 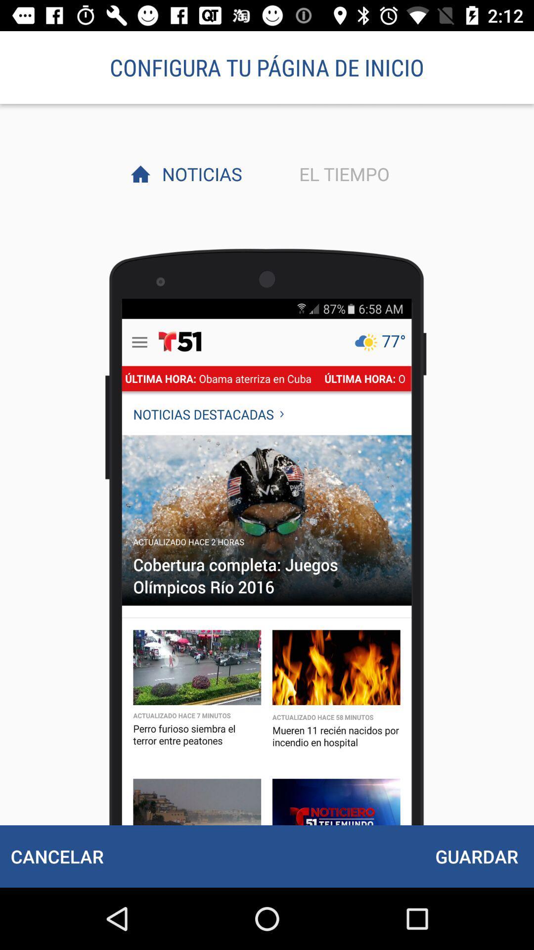 I want to click on icon at the bottom left corner, so click(x=57, y=856).